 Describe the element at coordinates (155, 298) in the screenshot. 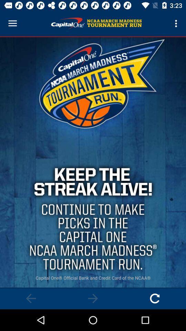

I see `refresh` at that location.